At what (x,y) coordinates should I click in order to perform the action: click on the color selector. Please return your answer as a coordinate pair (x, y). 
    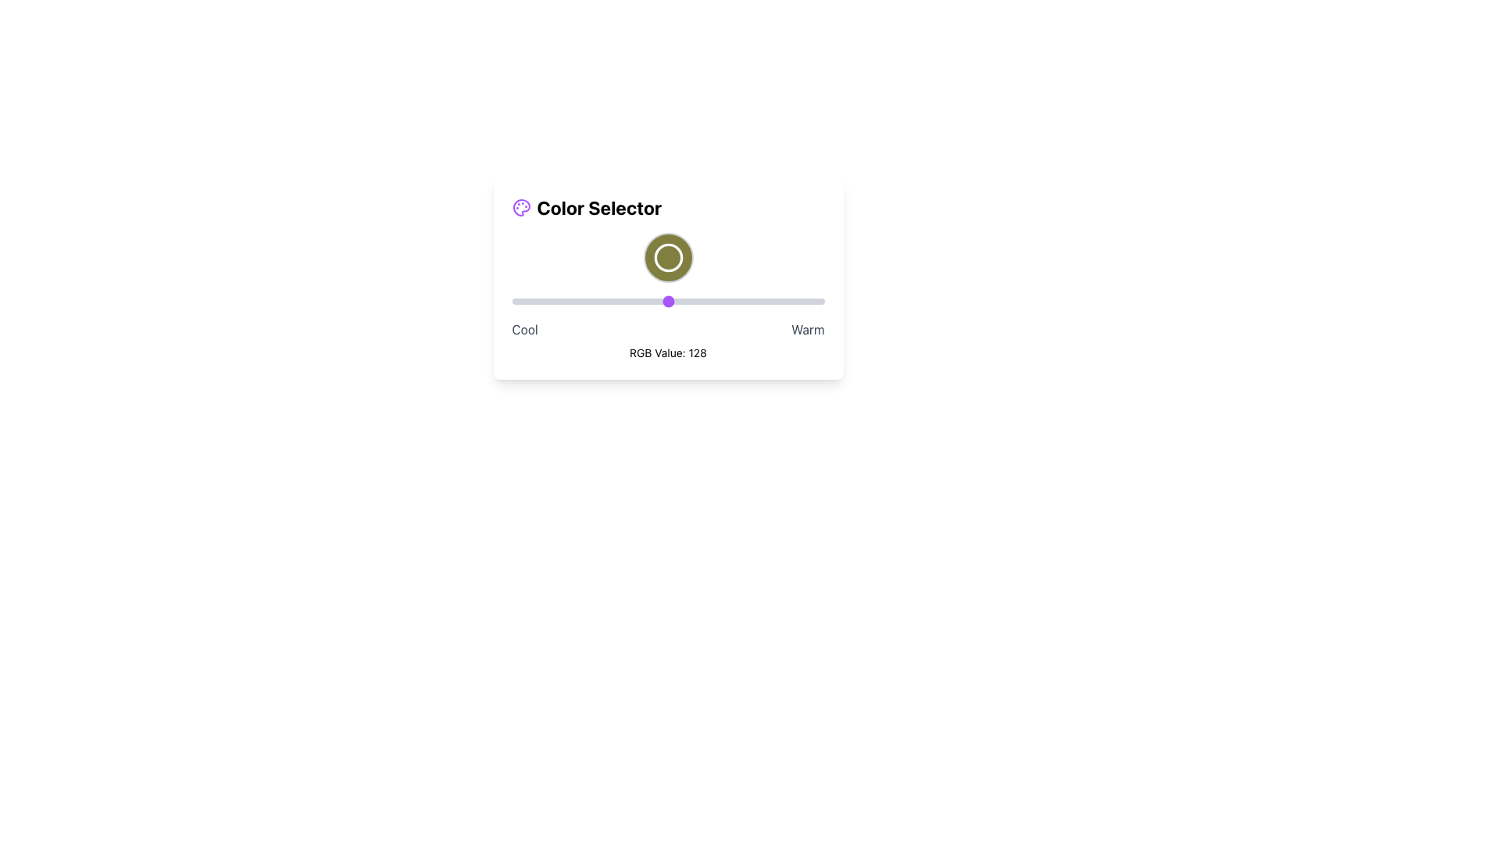
    Looking at the image, I should click on (656, 301).